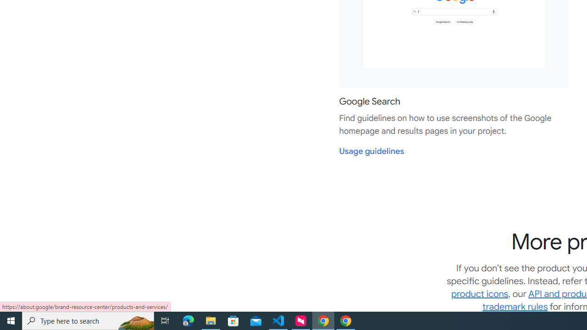 Image resolution: width=587 pixels, height=330 pixels. Describe the element at coordinates (515, 307) in the screenshot. I see `'trademark rules'` at that location.